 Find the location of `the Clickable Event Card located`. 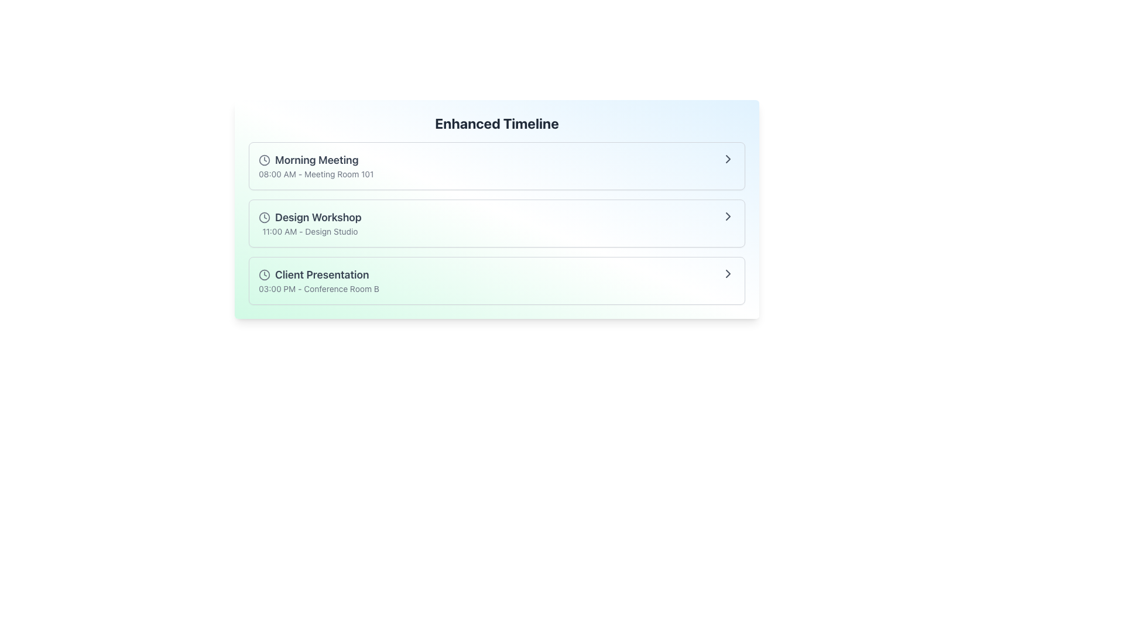

the Clickable Event Card located is located at coordinates (497, 223).